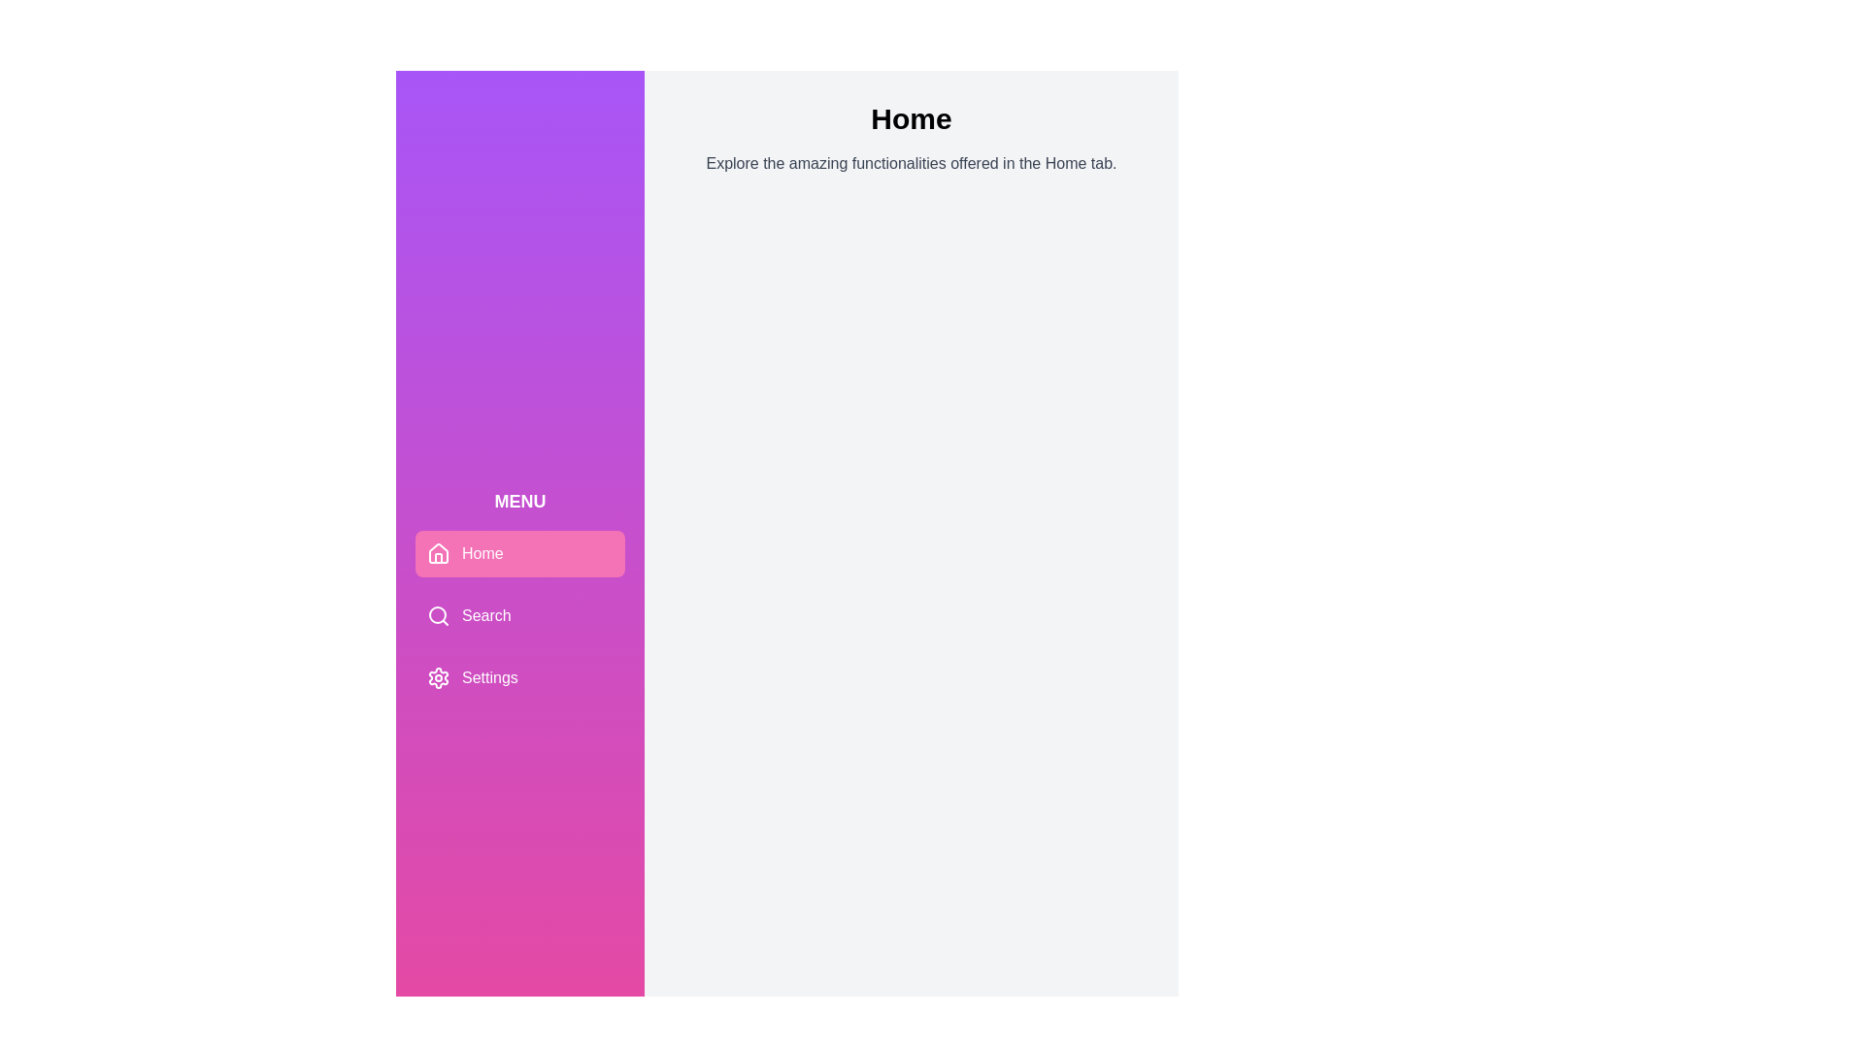  Describe the element at coordinates (520, 616) in the screenshot. I see `the Search tab from the menu` at that location.